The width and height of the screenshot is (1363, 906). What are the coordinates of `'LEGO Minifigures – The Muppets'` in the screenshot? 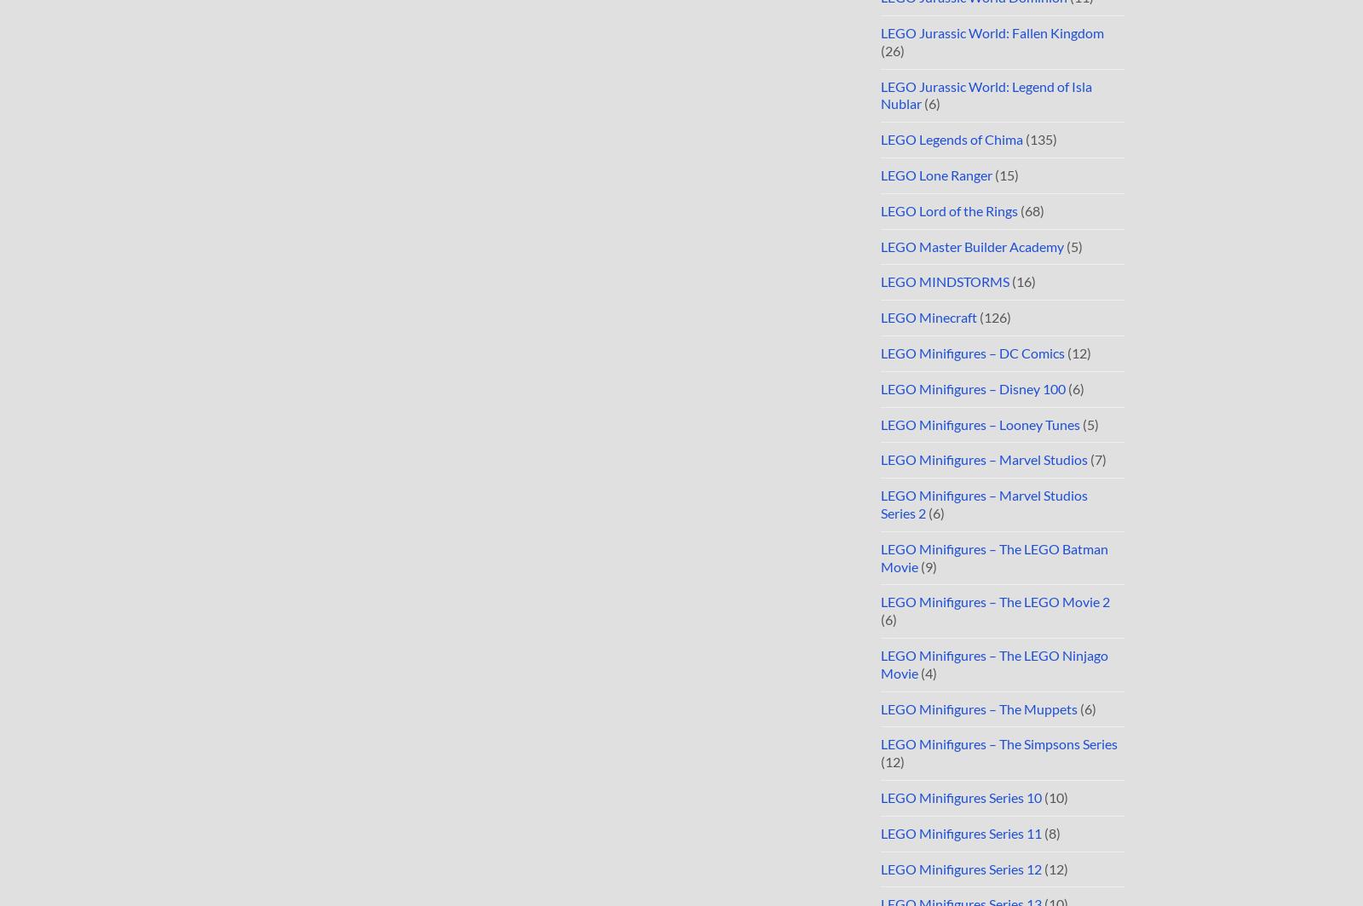 It's located at (880, 708).